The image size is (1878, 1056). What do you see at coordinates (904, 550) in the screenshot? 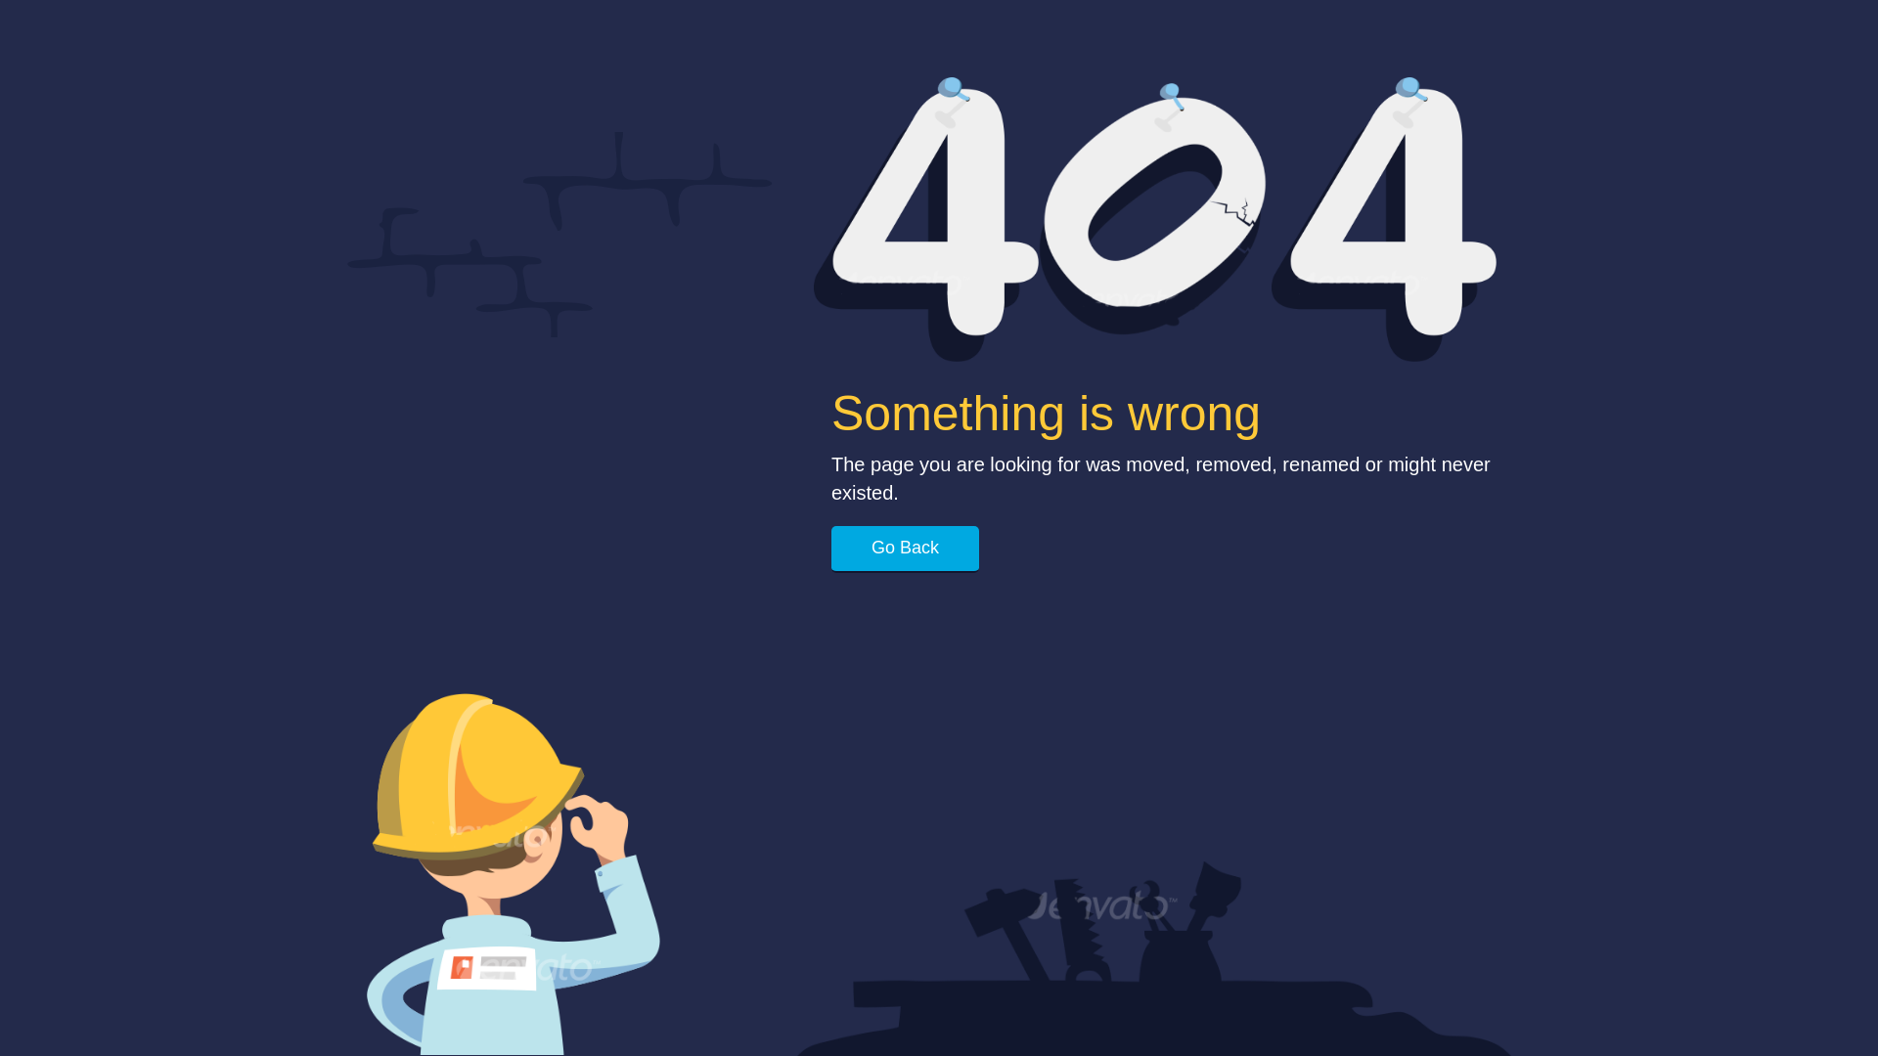
I see `'Go Back'` at bounding box center [904, 550].